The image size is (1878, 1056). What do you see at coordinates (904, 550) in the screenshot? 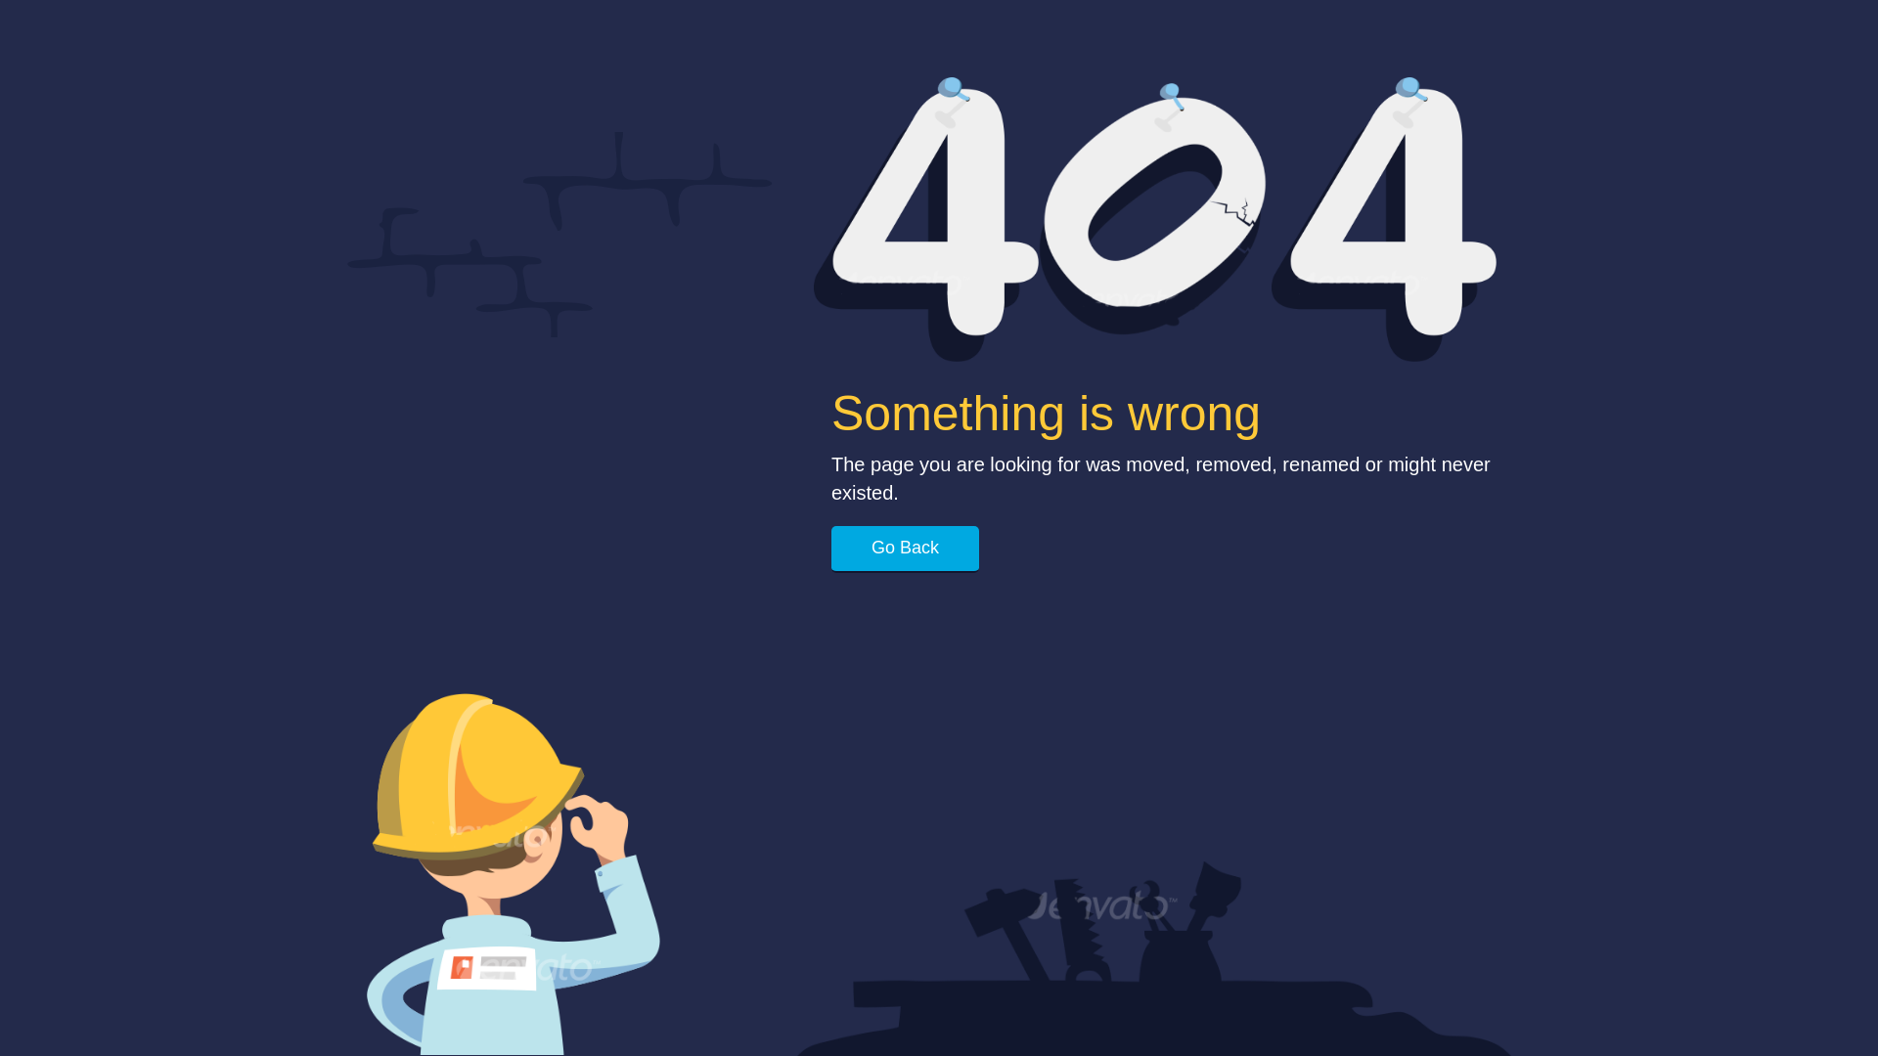
I see `'Go Back'` at bounding box center [904, 550].